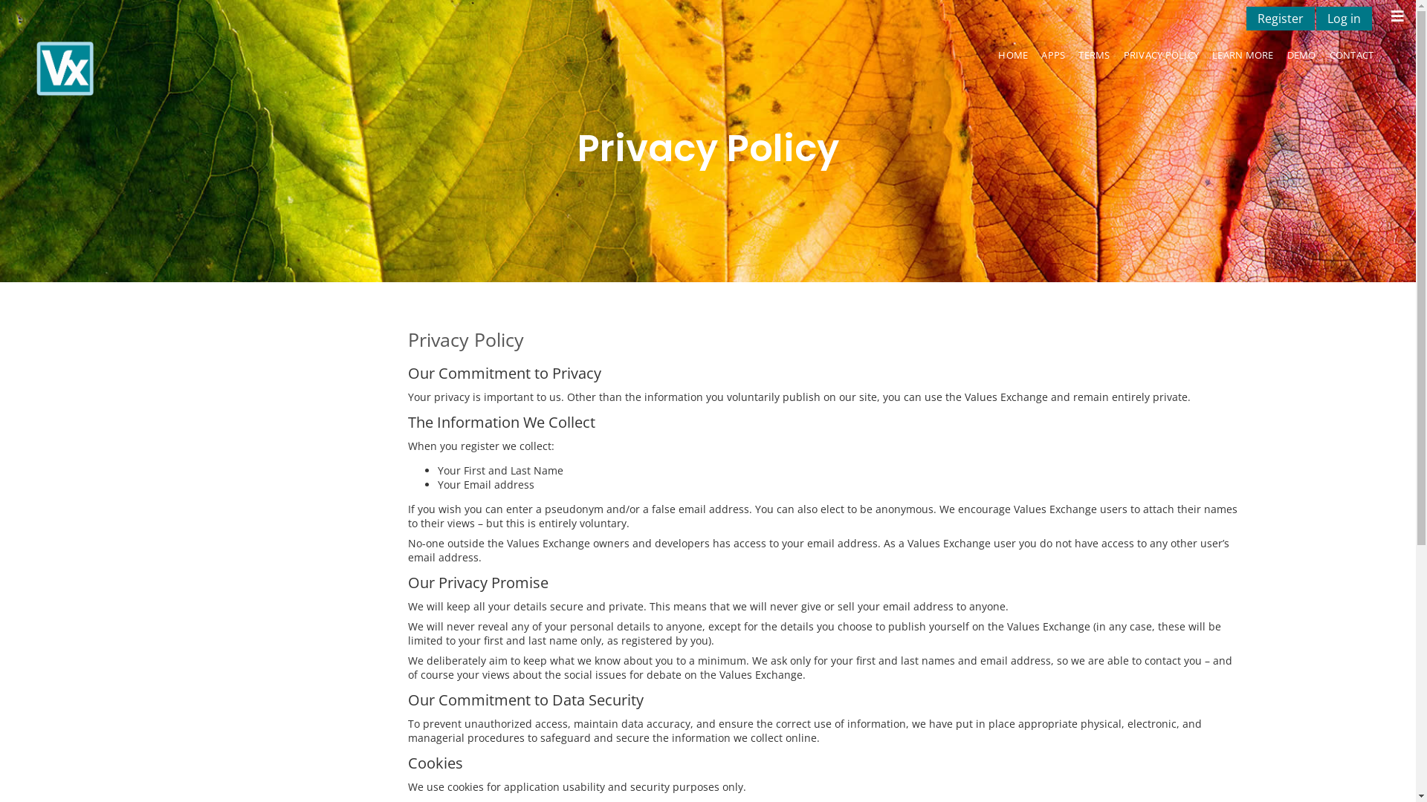 This screenshot has height=802, width=1427. What do you see at coordinates (991, 53) in the screenshot?
I see `'HOME'` at bounding box center [991, 53].